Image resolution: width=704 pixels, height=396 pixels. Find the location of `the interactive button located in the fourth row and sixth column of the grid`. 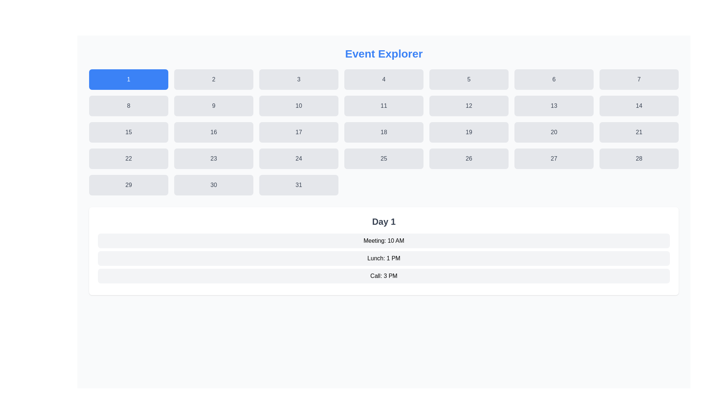

the interactive button located in the fourth row and sixth column of the grid is located at coordinates (554, 132).